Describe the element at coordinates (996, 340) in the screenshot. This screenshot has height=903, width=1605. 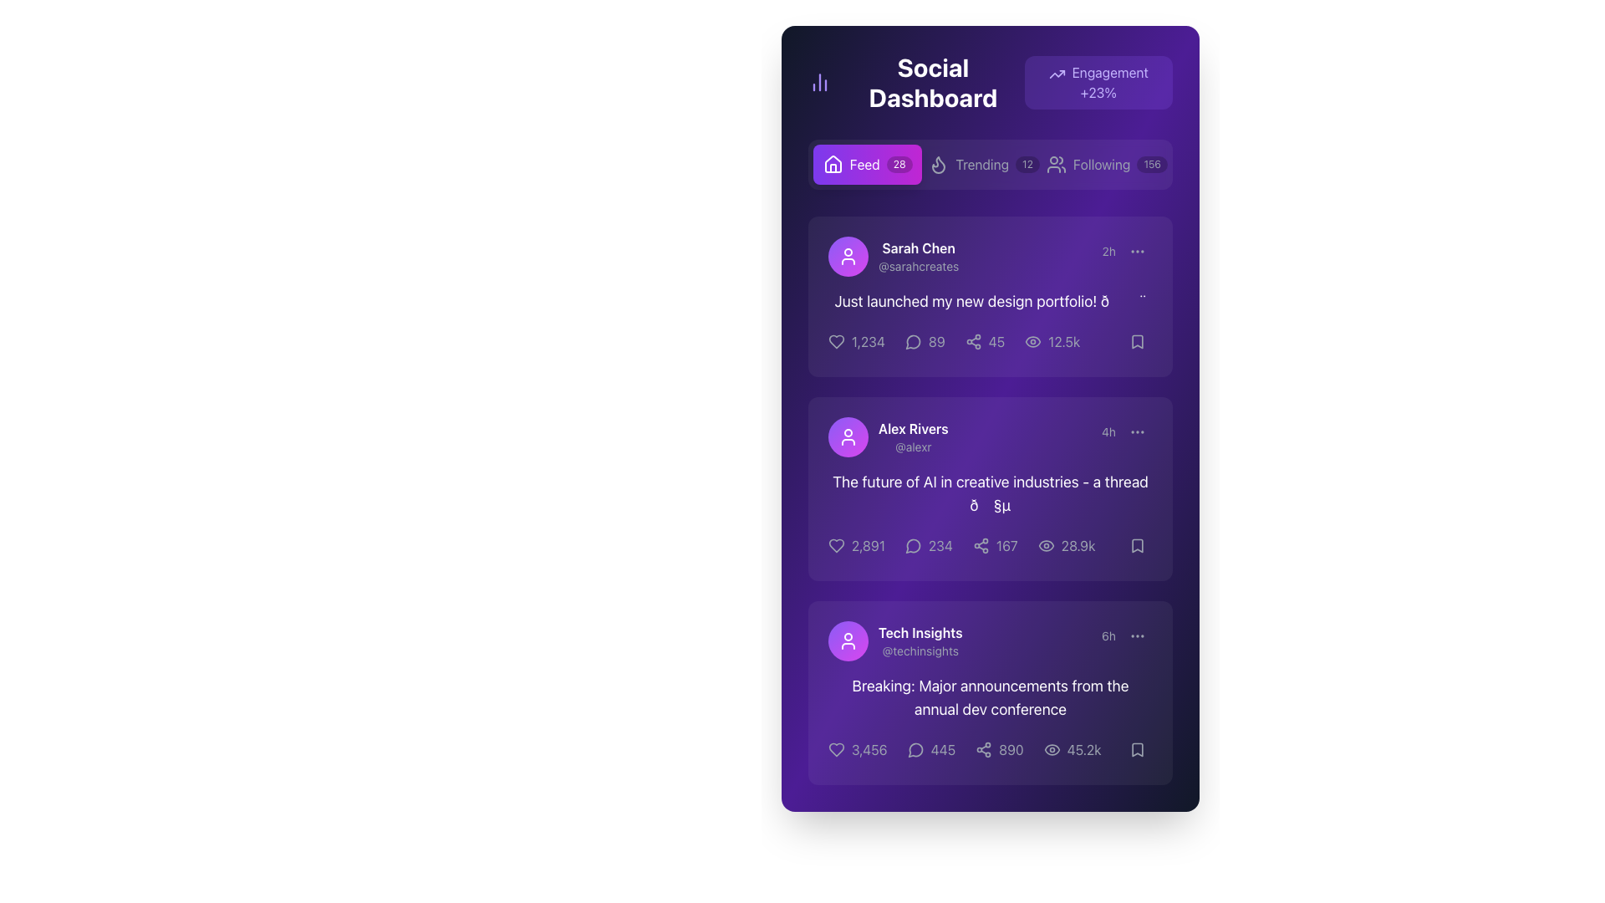
I see `number displayed in the text label or numerical counter located at the bottom-right section of the social post card, next to the eye-shaped icon` at that location.